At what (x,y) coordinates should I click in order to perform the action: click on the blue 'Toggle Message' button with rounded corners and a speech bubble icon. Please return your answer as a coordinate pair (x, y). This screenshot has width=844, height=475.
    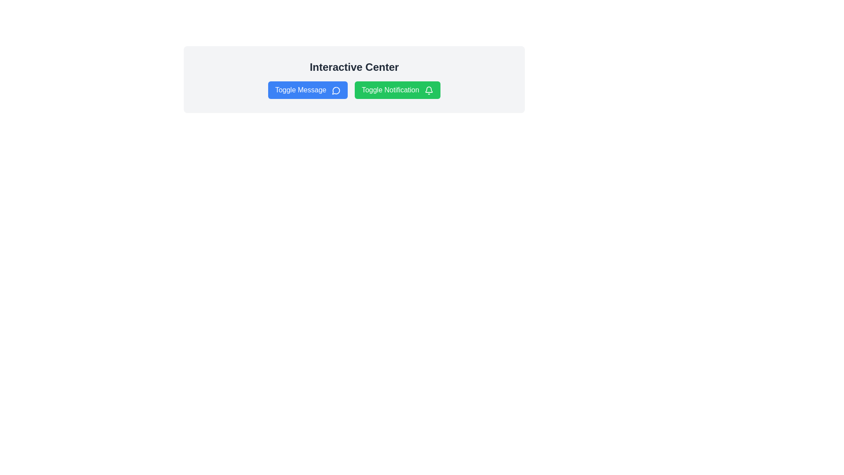
    Looking at the image, I should click on (308, 90).